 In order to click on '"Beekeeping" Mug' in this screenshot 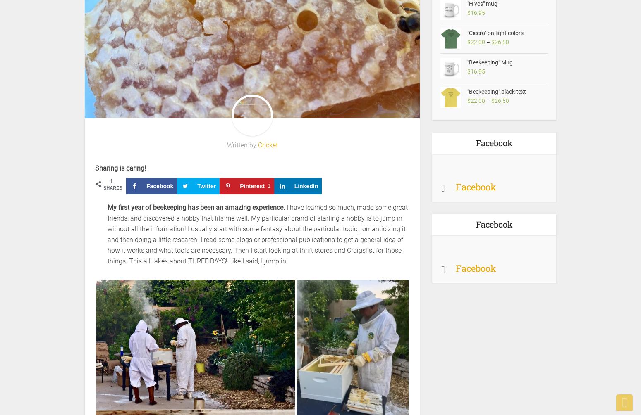, I will do `click(490, 62)`.